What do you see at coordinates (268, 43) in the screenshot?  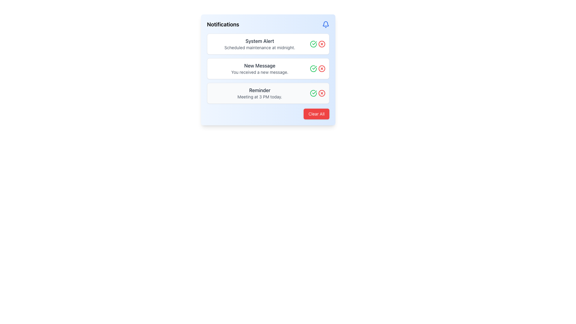 I see `the Information Card titled 'System Alert' that contains the message 'Scheduled maintenance at midnight.'` at bounding box center [268, 43].